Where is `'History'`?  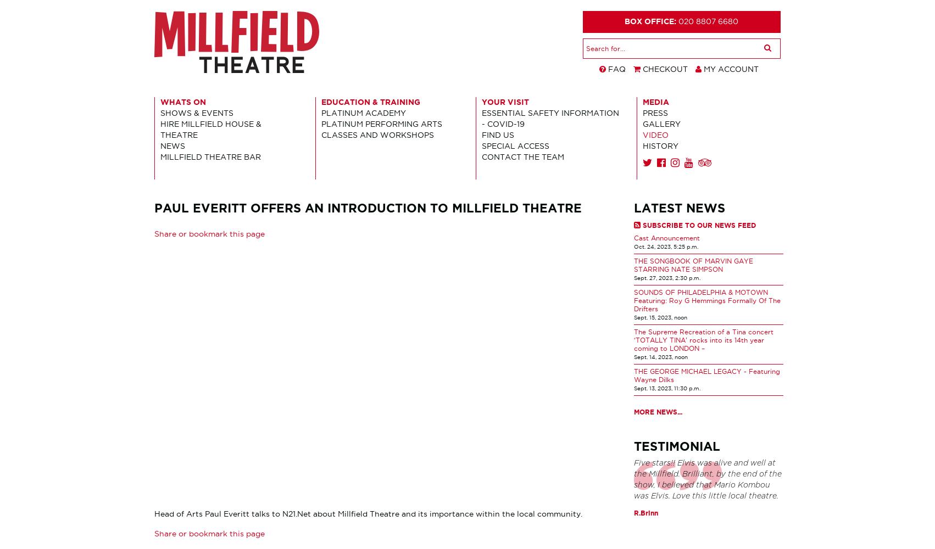
'History' is located at coordinates (660, 145).